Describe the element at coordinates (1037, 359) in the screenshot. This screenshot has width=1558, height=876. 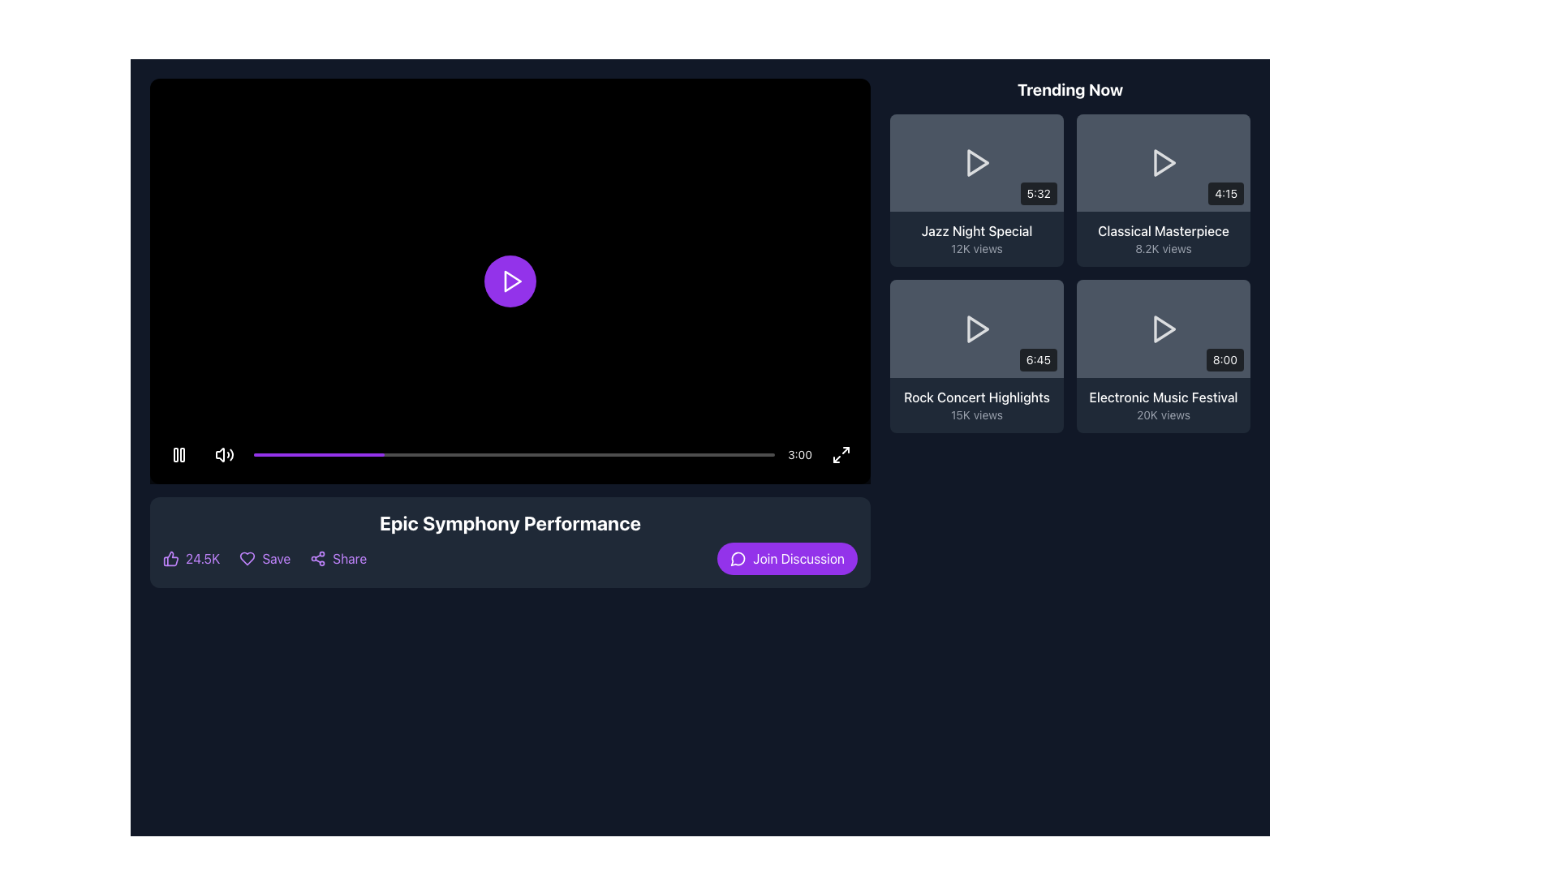
I see `the text label displaying '6:45' located in the bottom-right corner of the 'Trending Now' grid layout, associated with the 'Rock Concert Highlights' item` at that location.